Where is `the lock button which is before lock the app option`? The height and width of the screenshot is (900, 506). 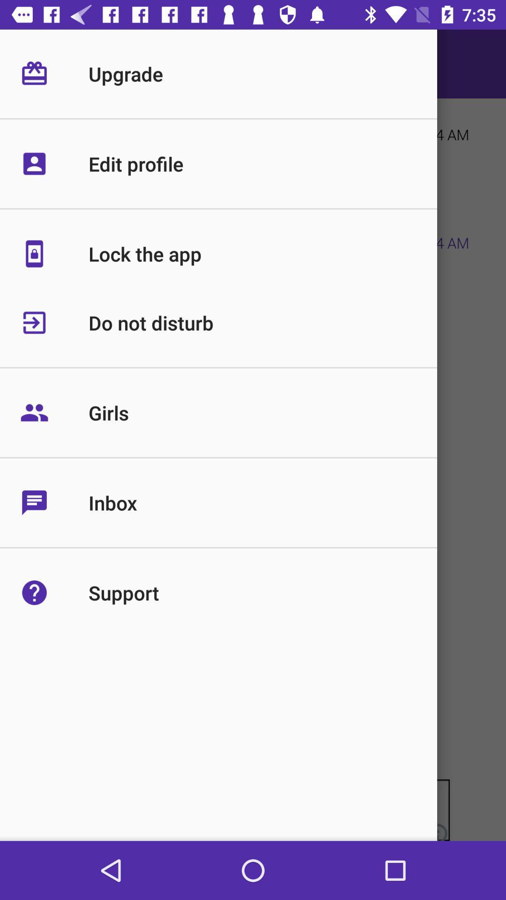
the lock button which is before lock the app option is located at coordinates (57, 268).